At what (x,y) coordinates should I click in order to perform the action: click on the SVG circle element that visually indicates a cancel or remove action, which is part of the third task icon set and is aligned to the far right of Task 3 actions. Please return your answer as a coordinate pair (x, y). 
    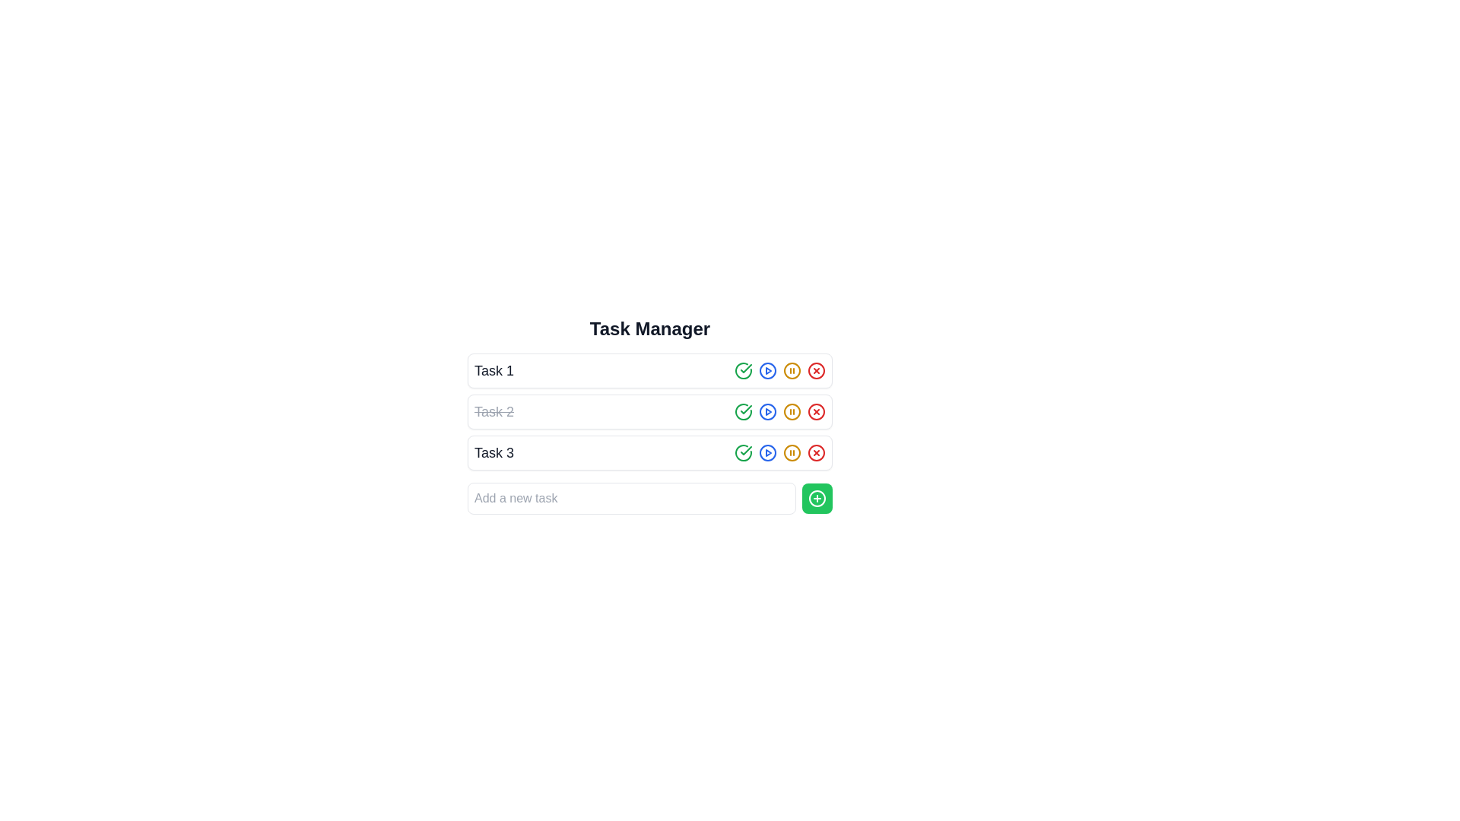
    Looking at the image, I should click on (816, 452).